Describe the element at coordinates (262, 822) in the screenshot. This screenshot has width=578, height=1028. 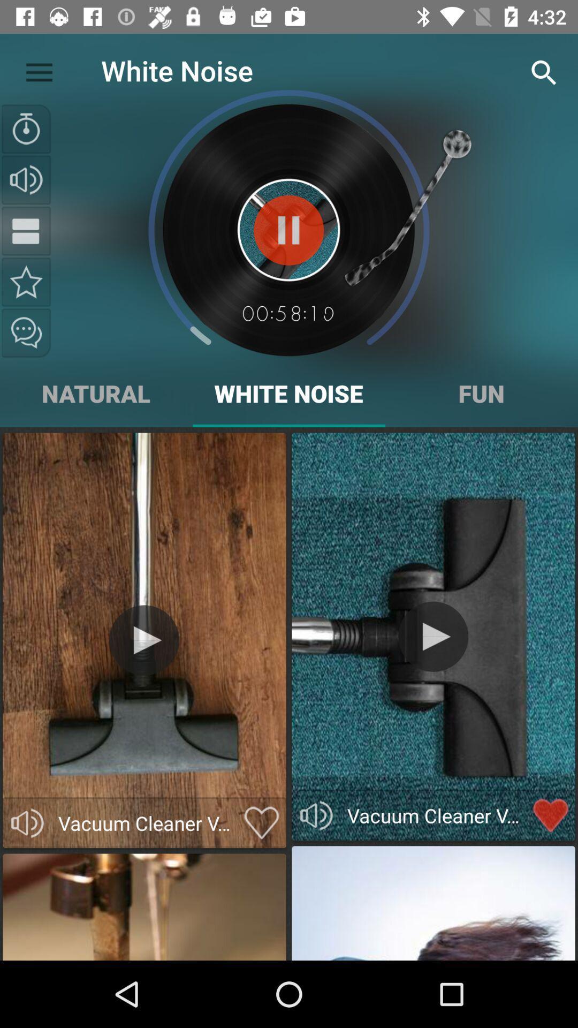
I see `to favorites` at that location.